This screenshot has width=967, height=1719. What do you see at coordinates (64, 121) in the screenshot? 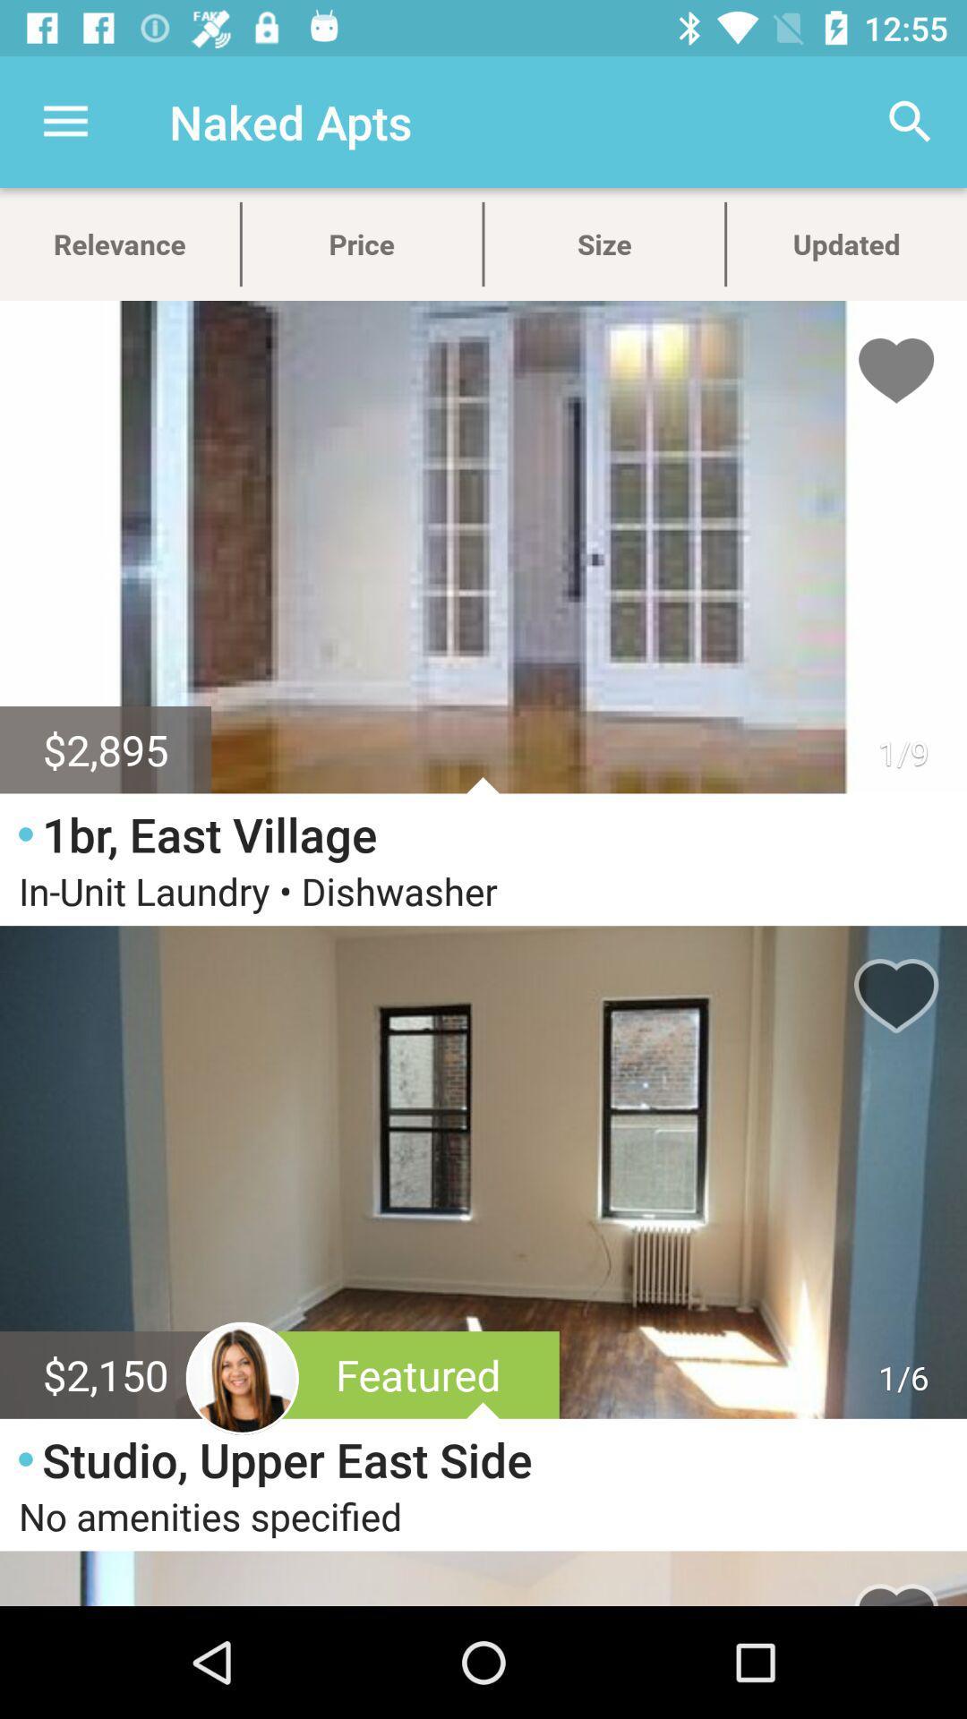
I see `item to the left of the naked apts icon` at bounding box center [64, 121].